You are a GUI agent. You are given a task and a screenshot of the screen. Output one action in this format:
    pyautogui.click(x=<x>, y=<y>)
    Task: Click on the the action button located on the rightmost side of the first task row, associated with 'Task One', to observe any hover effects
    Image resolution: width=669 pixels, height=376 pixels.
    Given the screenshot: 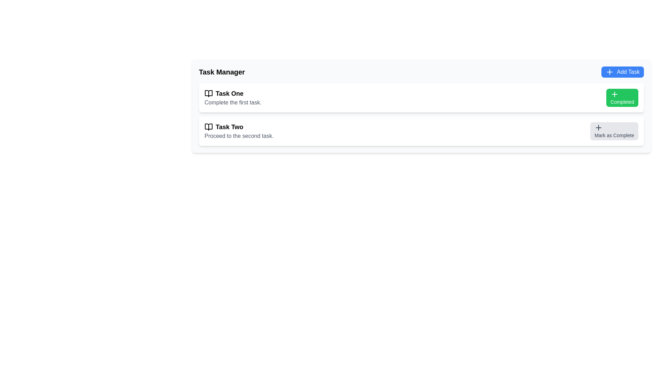 What is the action you would take?
    pyautogui.click(x=622, y=98)
    